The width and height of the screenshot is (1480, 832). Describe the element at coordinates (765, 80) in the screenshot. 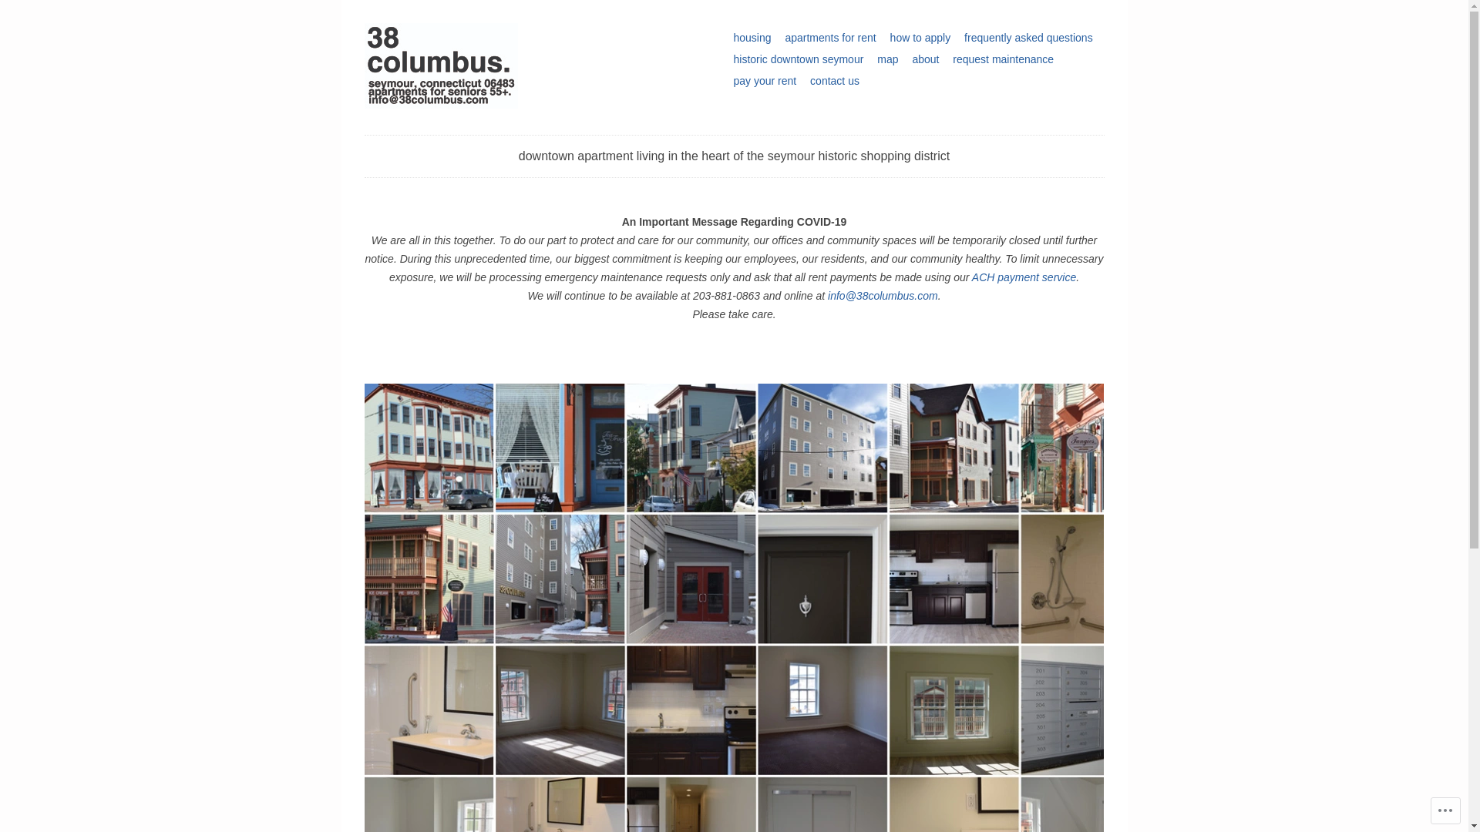

I see `'pay your rent'` at that location.